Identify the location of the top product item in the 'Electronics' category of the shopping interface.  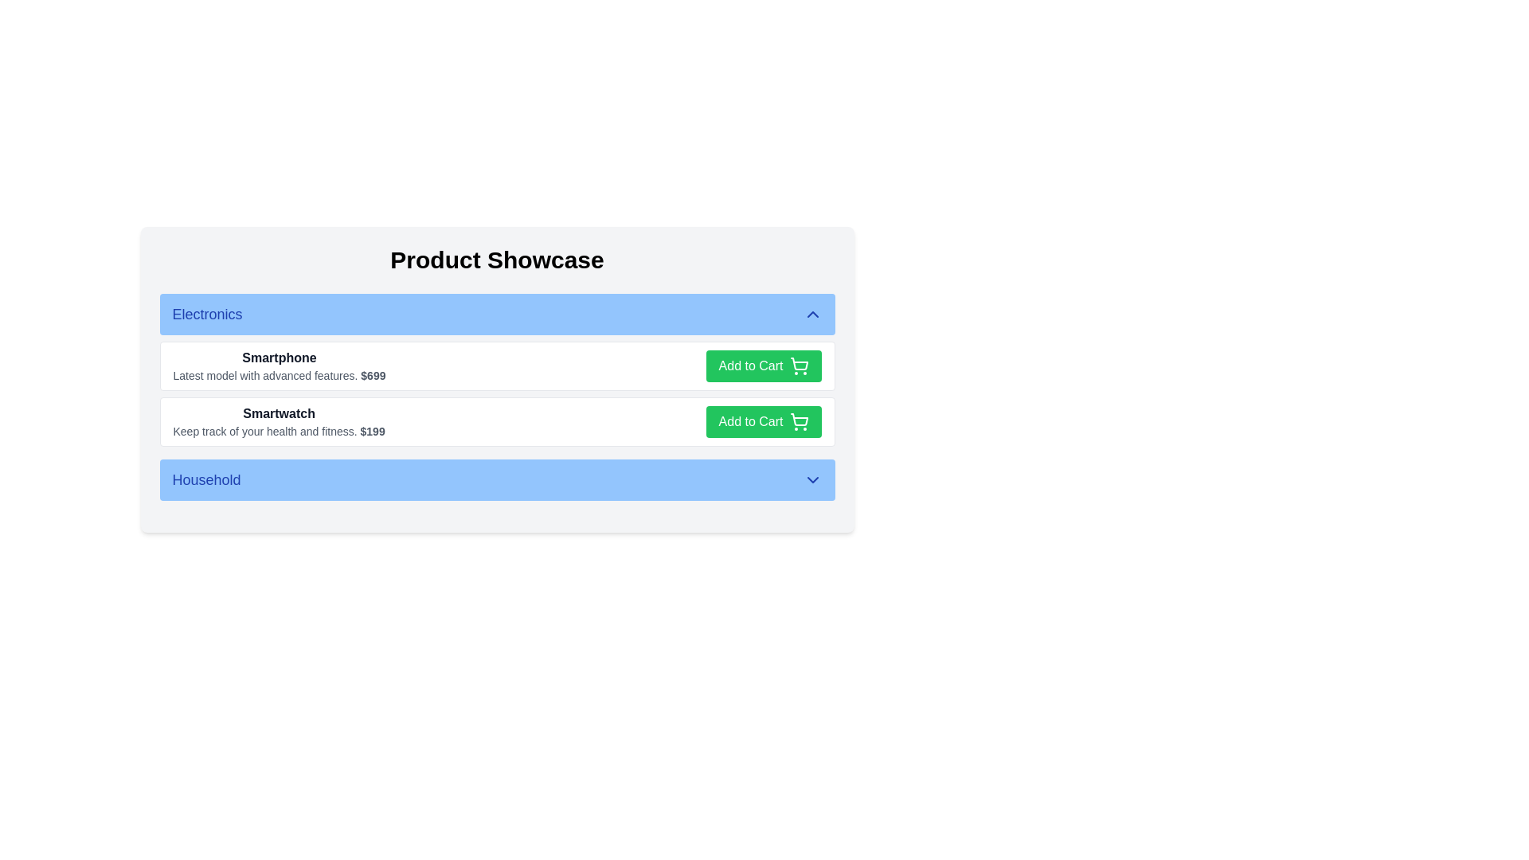
(496, 365).